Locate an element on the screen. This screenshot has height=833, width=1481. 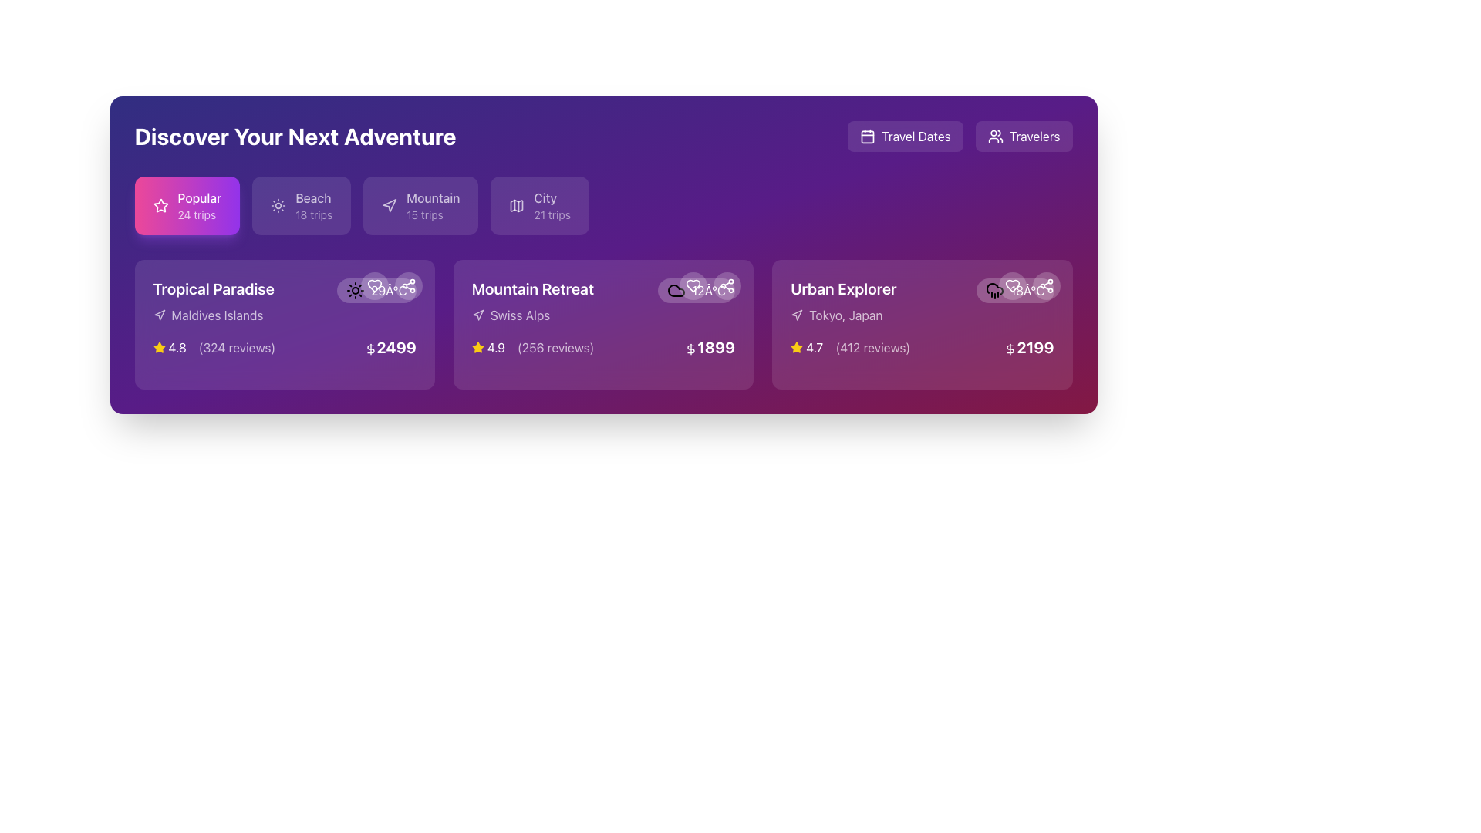
the star-shaped icon with a yellow fill located in the 'Tropical Paradise' section of travel packages, which indicates a rating system is located at coordinates (477, 347).